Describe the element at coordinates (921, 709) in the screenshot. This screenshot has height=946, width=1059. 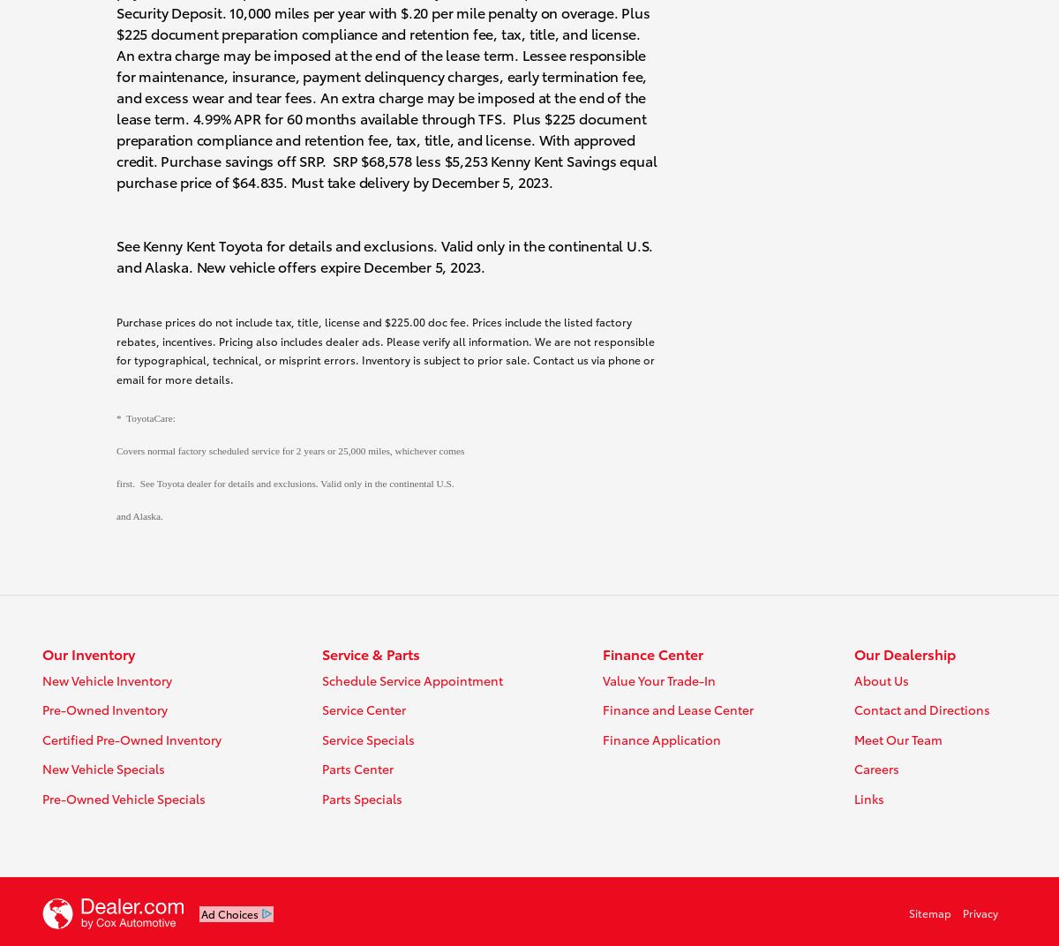
I see `'Contact and Directions'` at that location.